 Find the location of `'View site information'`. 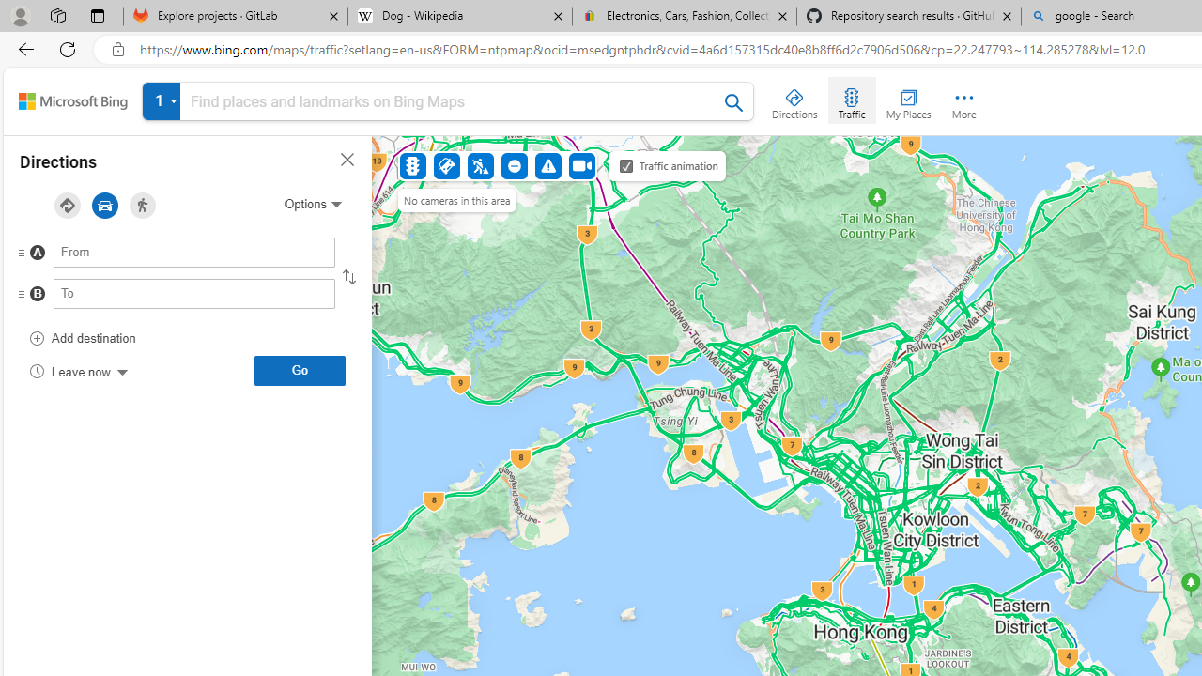

'View site information' is located at coordinates (117, 49).